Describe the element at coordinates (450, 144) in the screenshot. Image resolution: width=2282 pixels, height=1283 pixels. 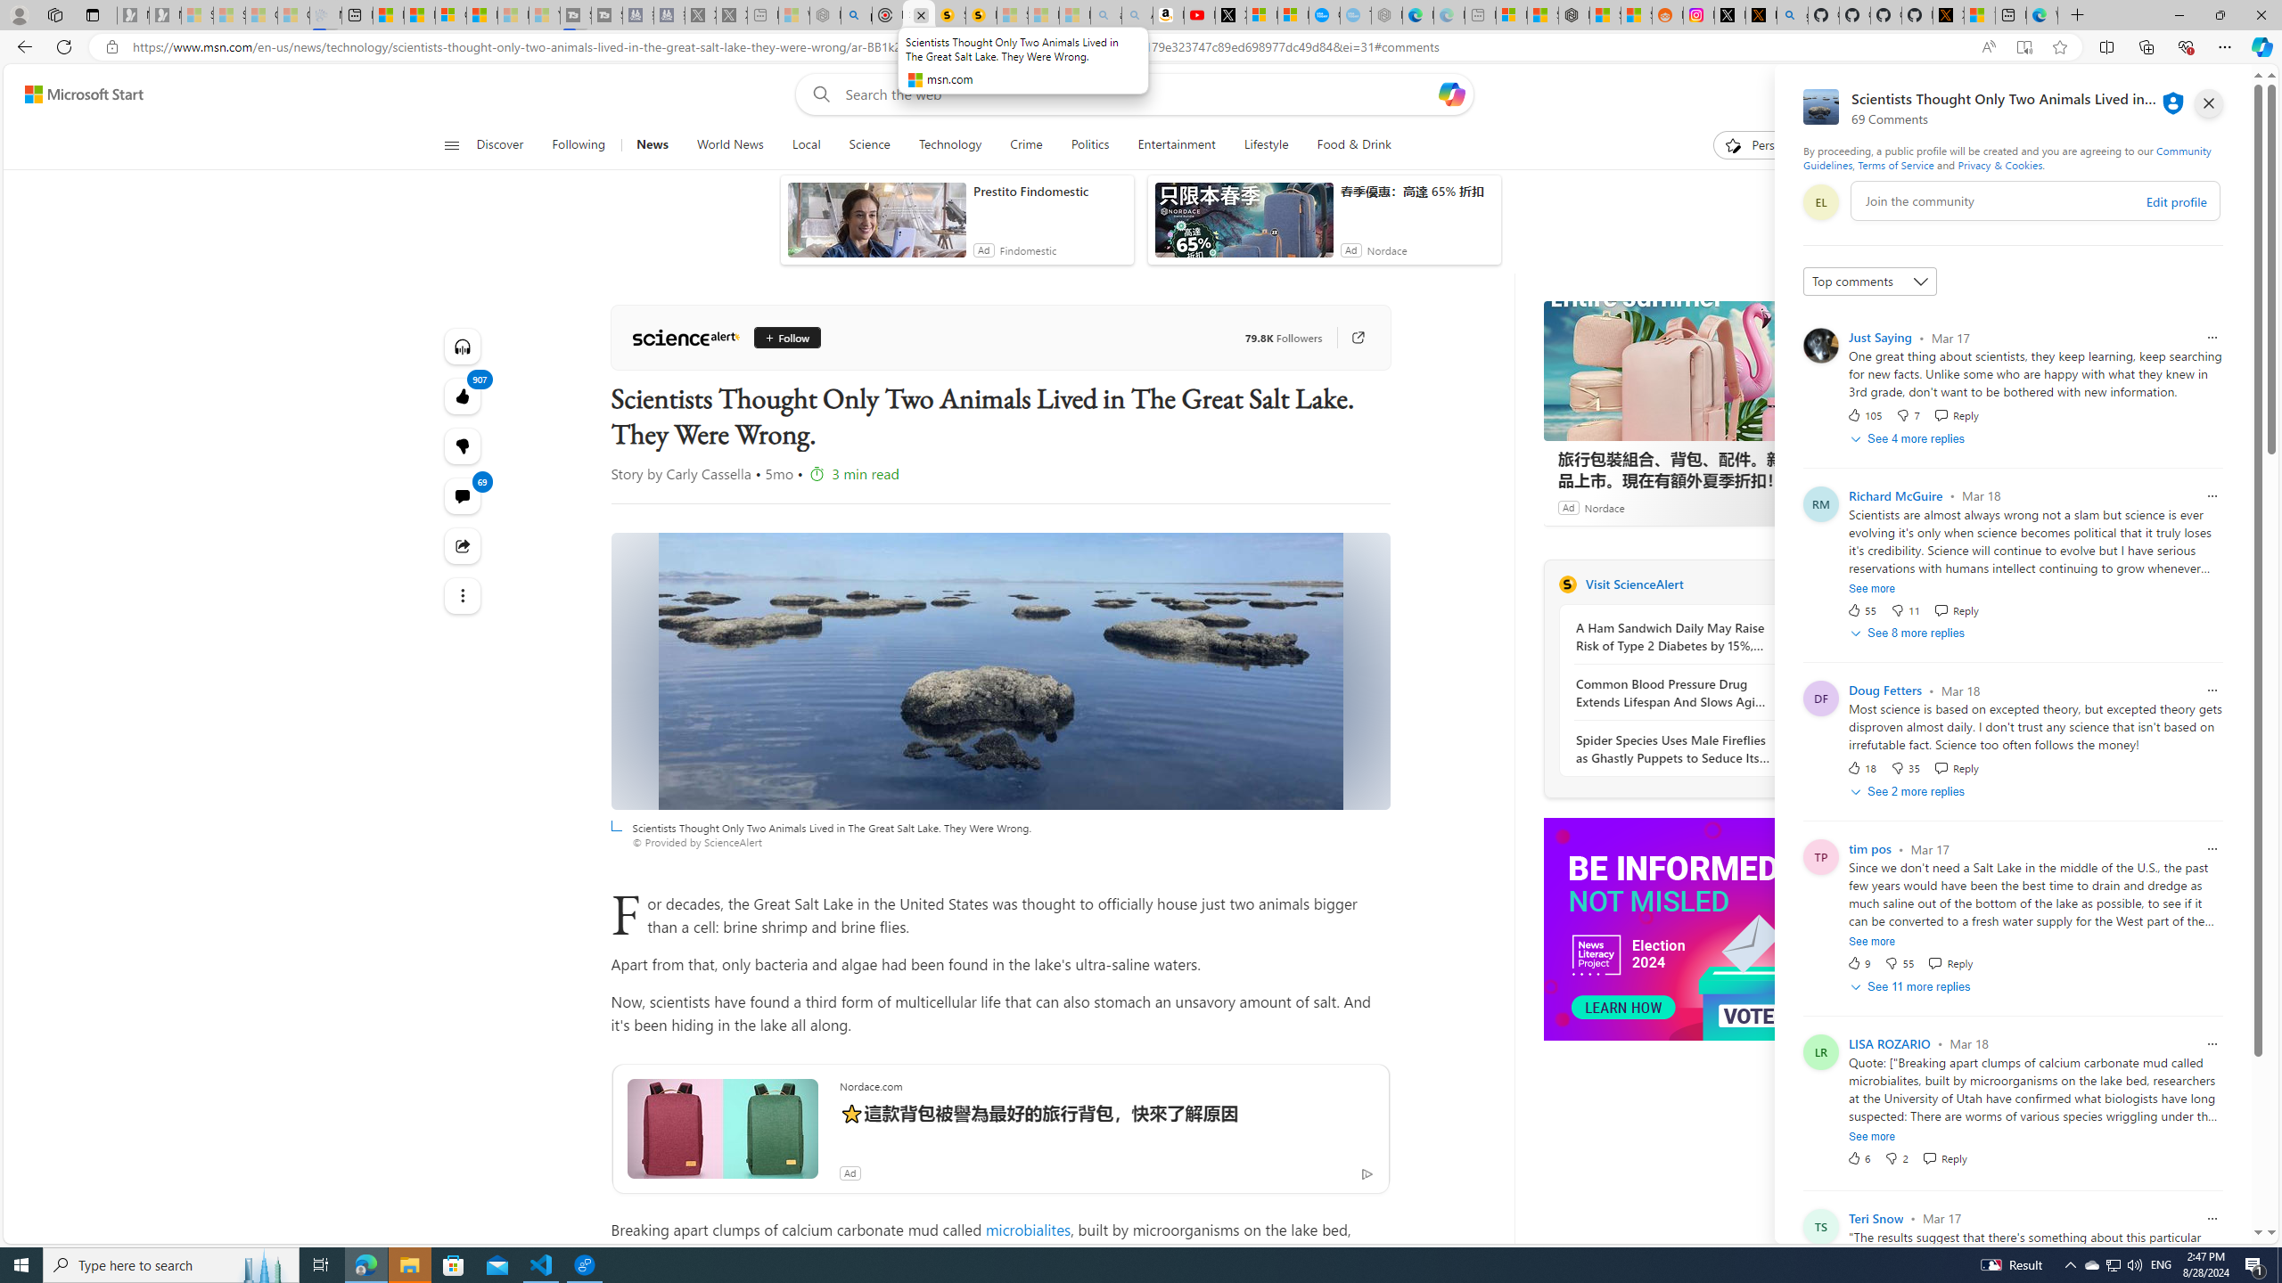
I see `'Class: button-glyph'` at that location.